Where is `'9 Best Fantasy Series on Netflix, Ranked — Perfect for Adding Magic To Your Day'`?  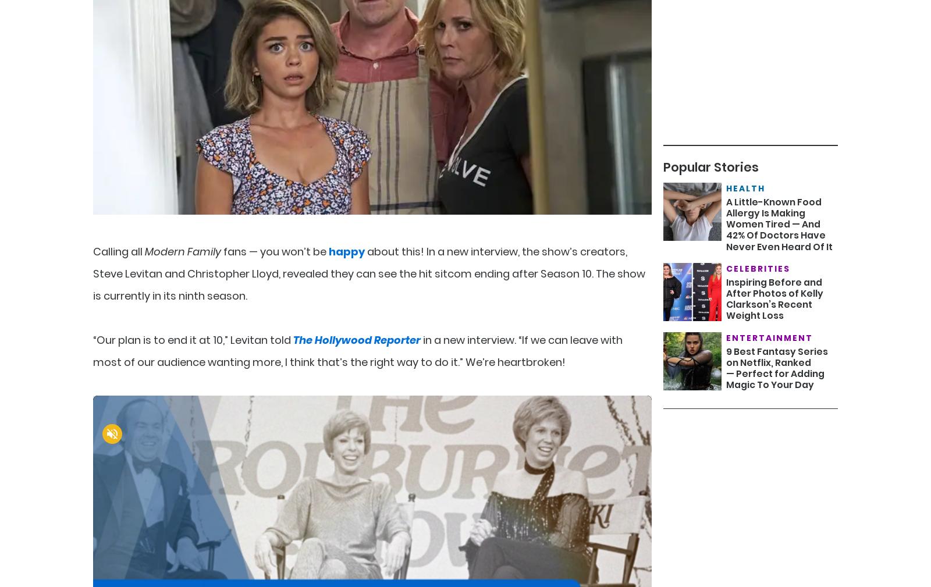 '9 Best Fantasy Series on Netflix, Ranked — Perfect for Adding Magic To Your Day' is located at coordinates (776, 368).